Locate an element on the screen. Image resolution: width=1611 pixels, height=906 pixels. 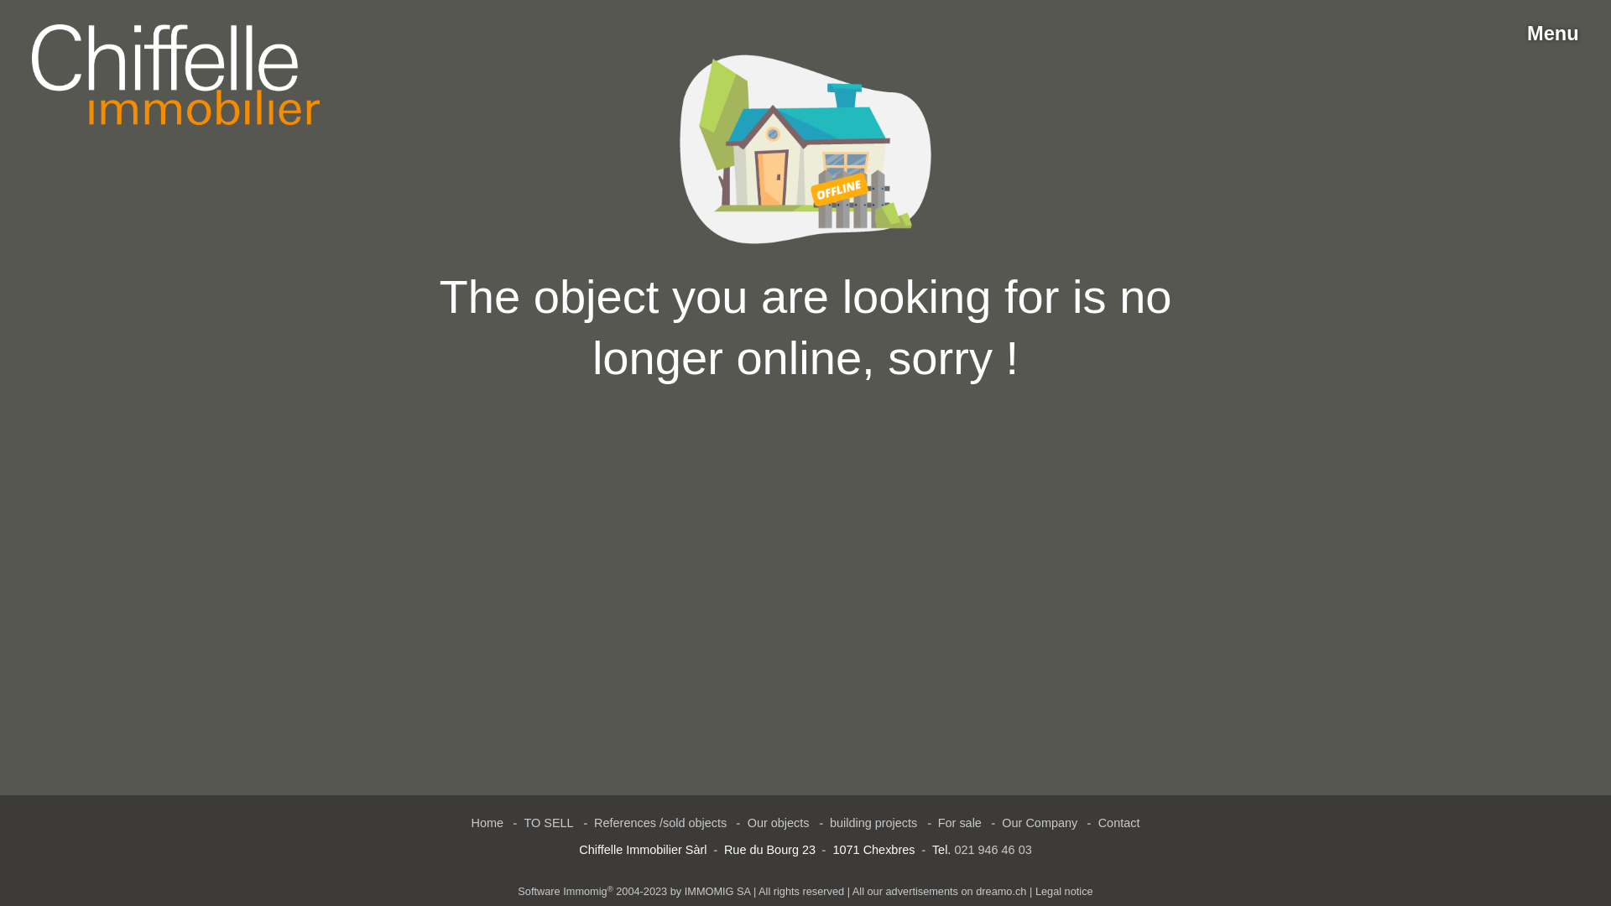
'dreamo.ch' is located at coordinates (975, 890).